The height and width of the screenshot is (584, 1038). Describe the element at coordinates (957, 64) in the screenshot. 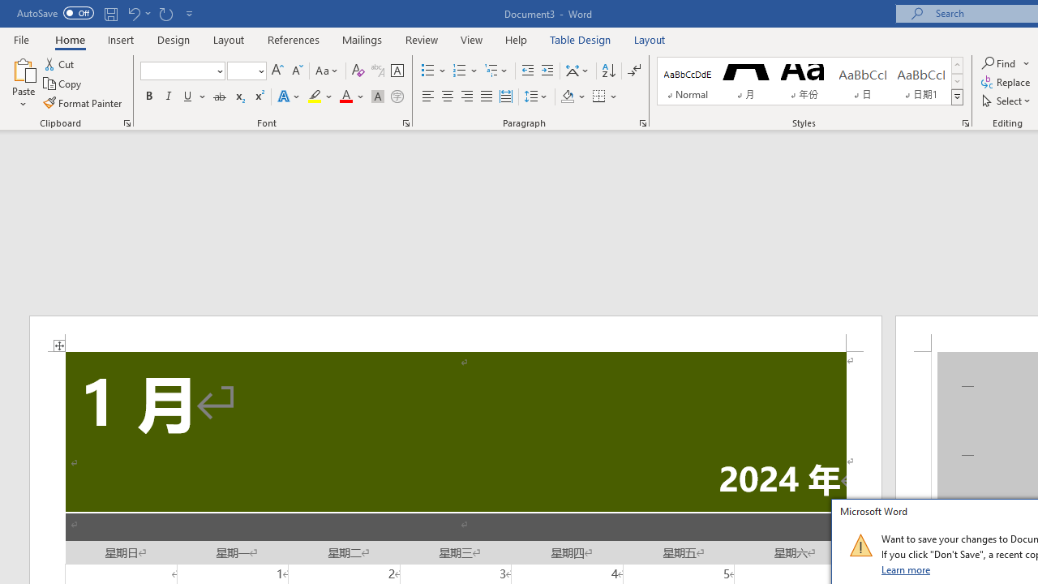

I see `'Row up'` at that location.